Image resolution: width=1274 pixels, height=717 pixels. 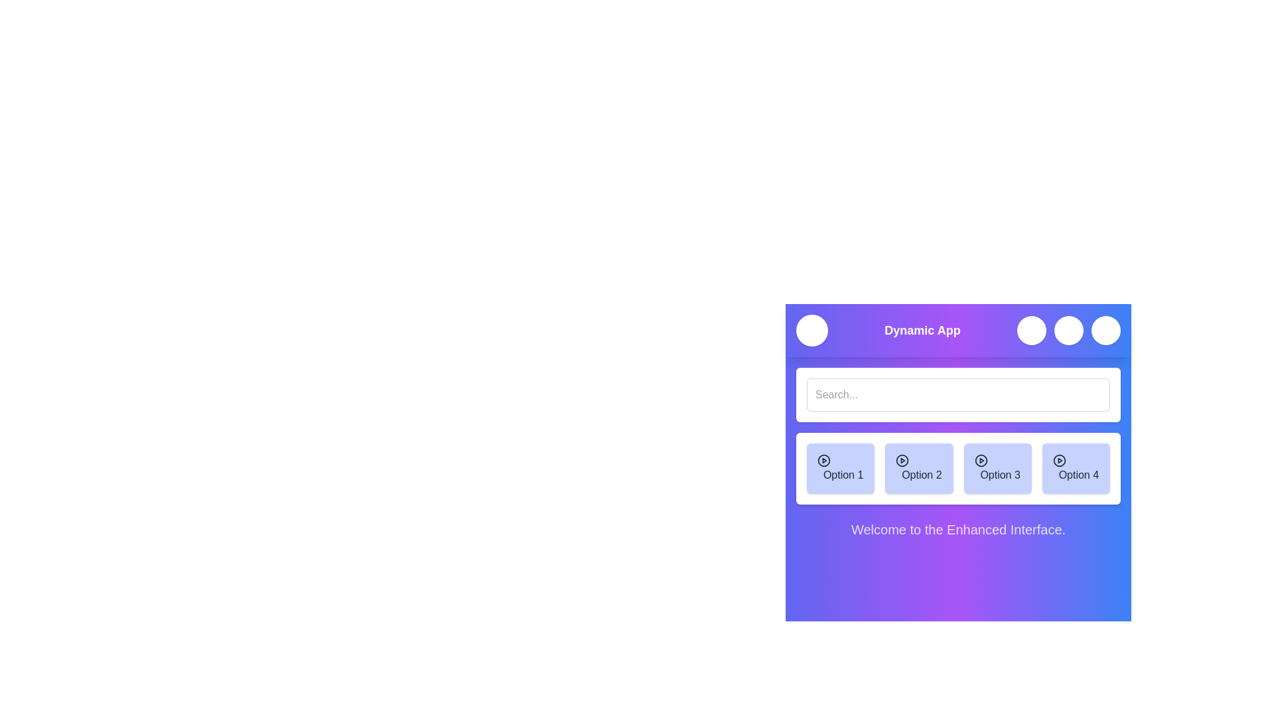 I want to click on the menu option Option 1 to select it, so click(x=840, y=467).